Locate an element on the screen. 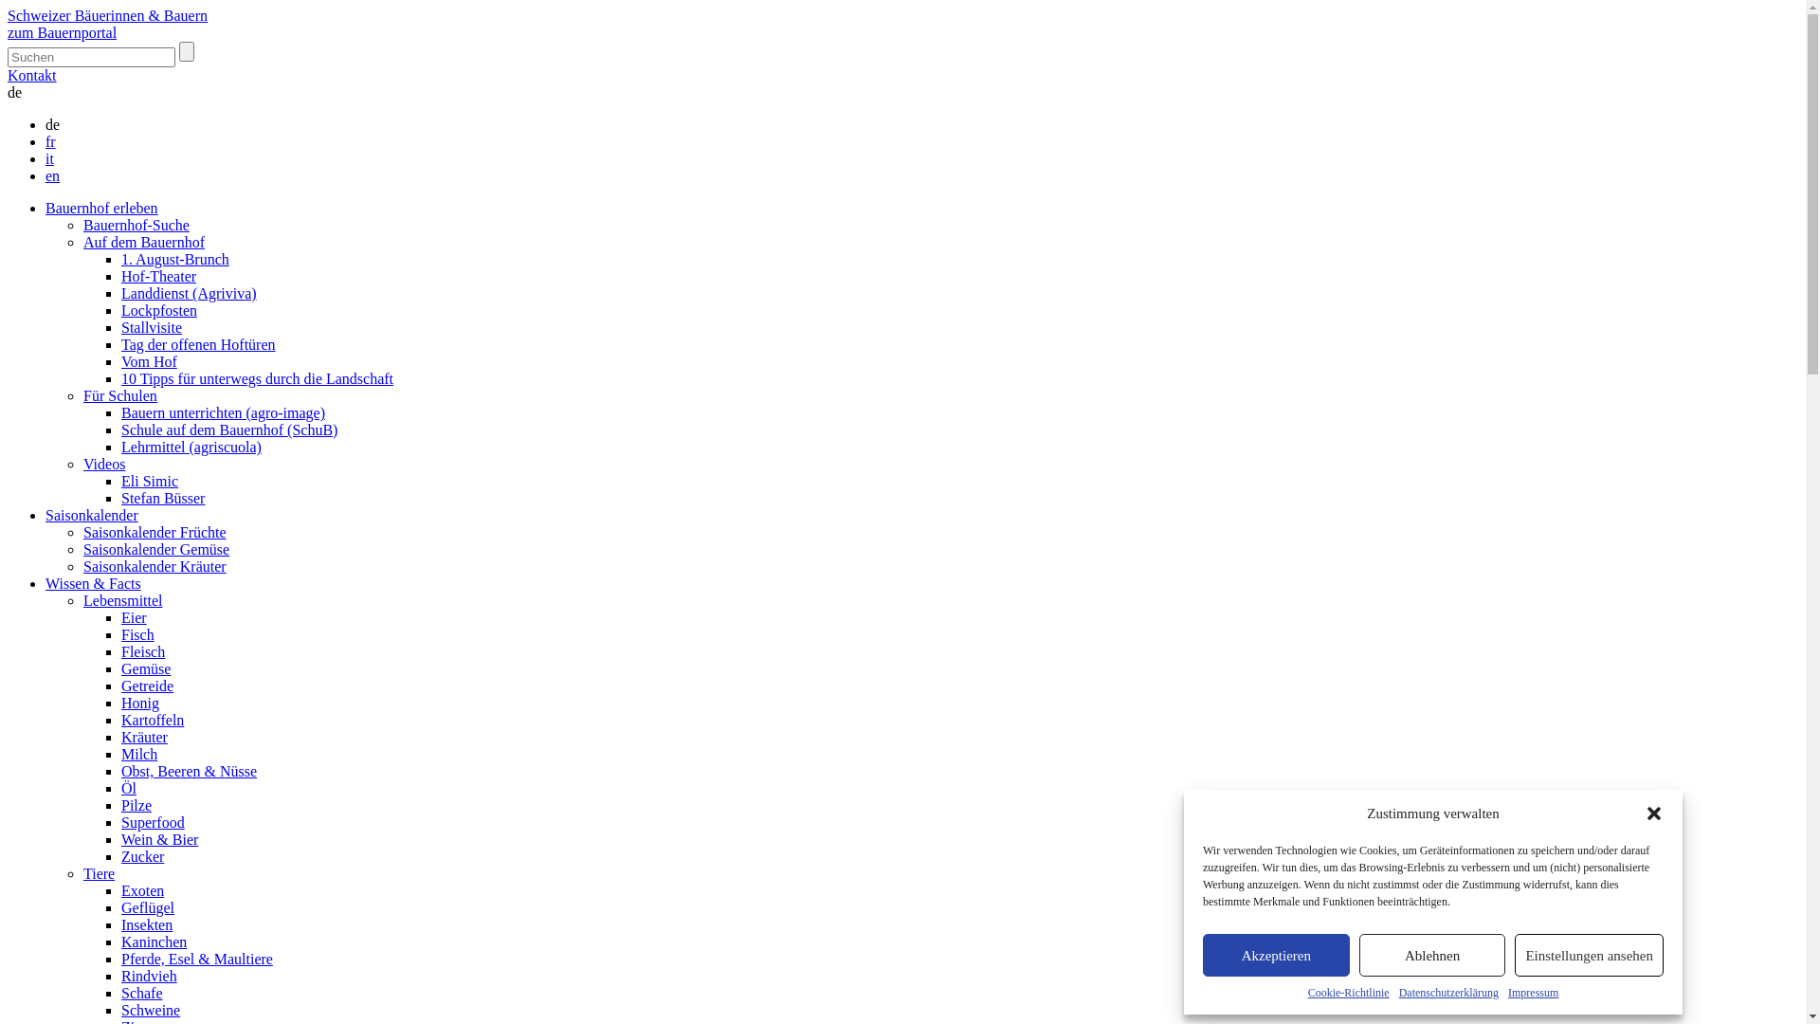 This screenshot has height=1024, width=1820. 'Eli Simic' is located at coordinates (149, 480).